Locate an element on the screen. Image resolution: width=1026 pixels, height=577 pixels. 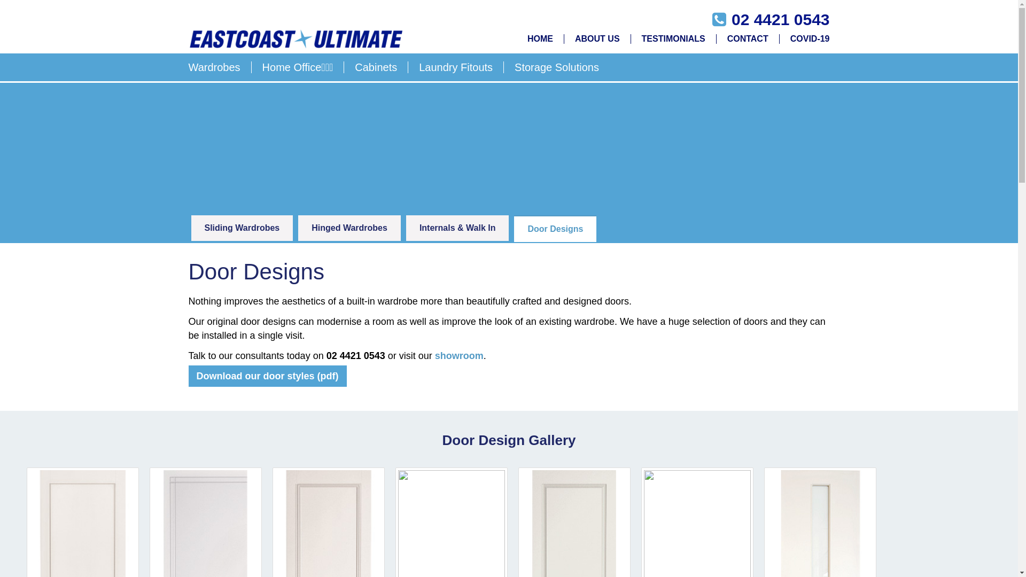
'Storage Solutions' is located at coordinates (551, 67).